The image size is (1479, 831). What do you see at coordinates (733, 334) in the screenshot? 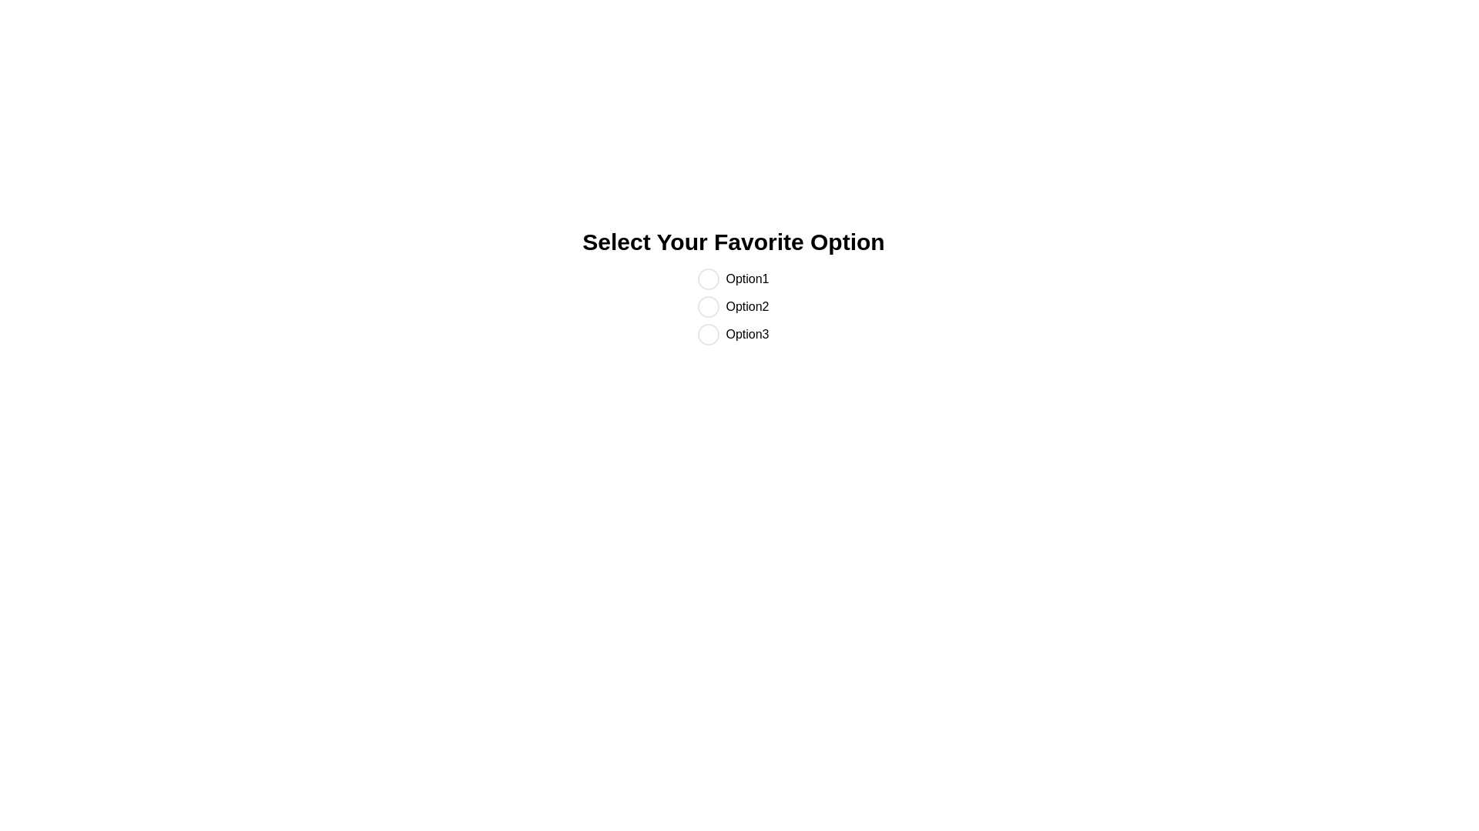
I see `to select the radio button labeled 'Option3', which is the last in the sequence of radio buttons` at bounding box center [733, 334].